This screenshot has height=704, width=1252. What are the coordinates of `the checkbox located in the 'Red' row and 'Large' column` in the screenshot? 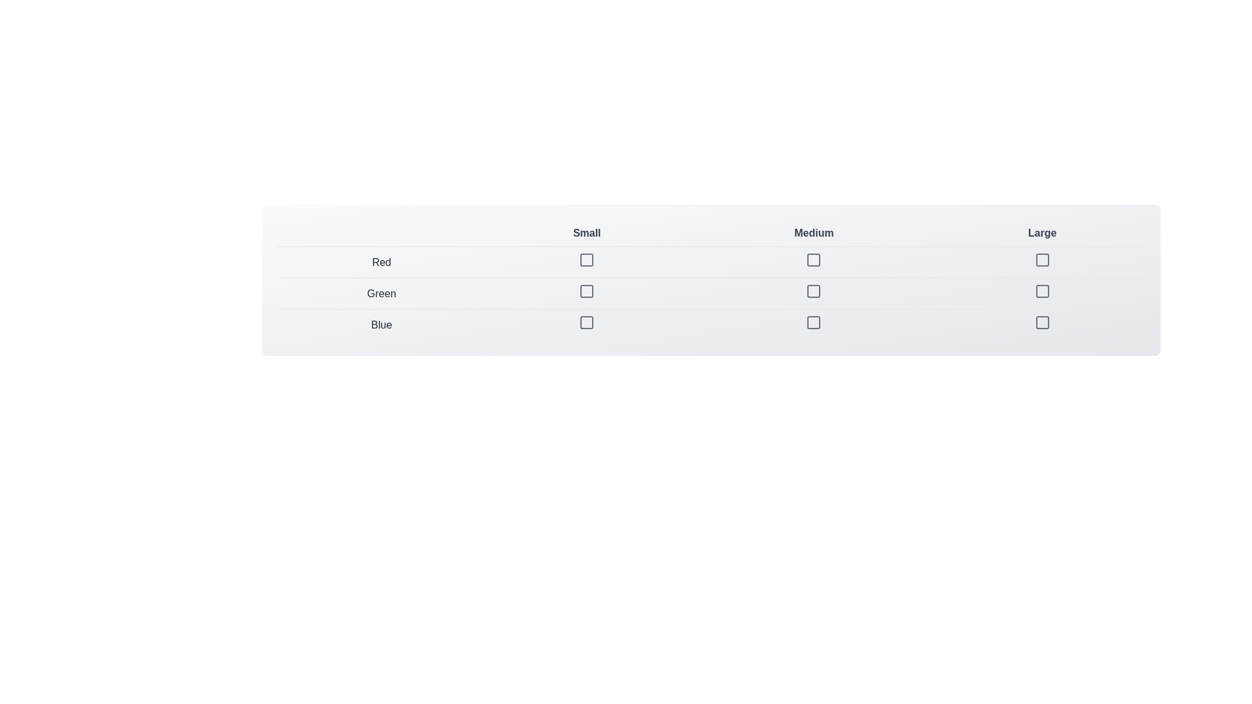 It's located at (1041, 262).